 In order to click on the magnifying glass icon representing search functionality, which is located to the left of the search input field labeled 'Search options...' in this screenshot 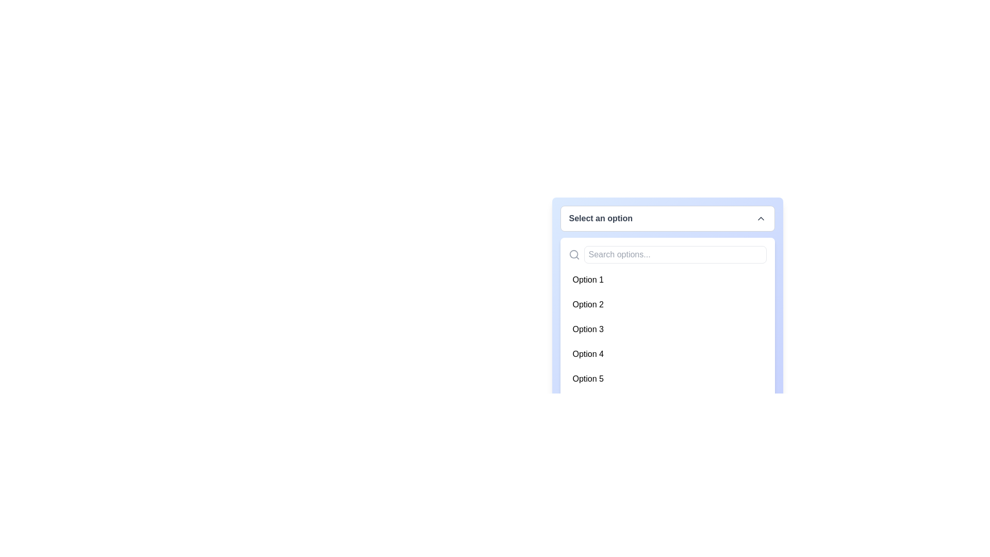, I will do `click(573, 254)`.